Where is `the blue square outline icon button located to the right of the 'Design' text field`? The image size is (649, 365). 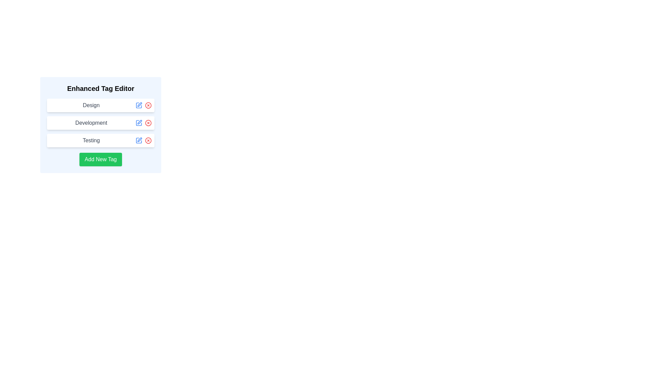
the blue square outline icon button located to the right of the 'Design' text field is located at coordinates (139, 105).